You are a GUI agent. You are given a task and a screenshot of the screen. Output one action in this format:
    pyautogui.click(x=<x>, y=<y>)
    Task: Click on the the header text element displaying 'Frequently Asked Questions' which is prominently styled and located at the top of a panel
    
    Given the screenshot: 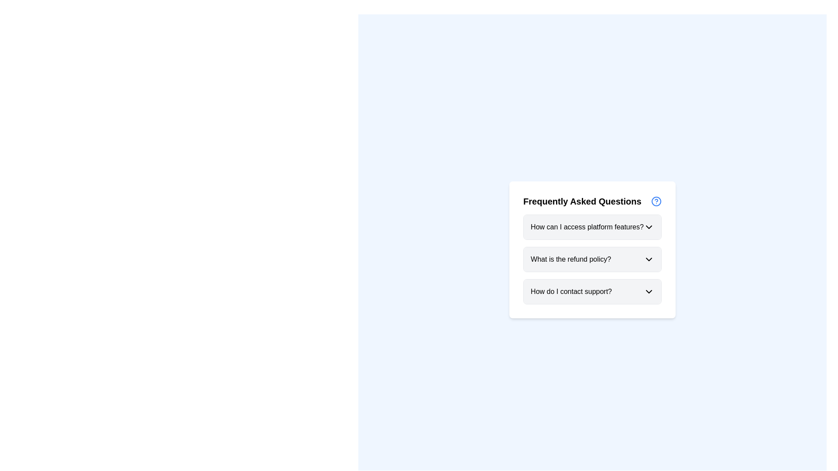 What is the action you would take?
    pyautogui.click(x=582, y=201)
    